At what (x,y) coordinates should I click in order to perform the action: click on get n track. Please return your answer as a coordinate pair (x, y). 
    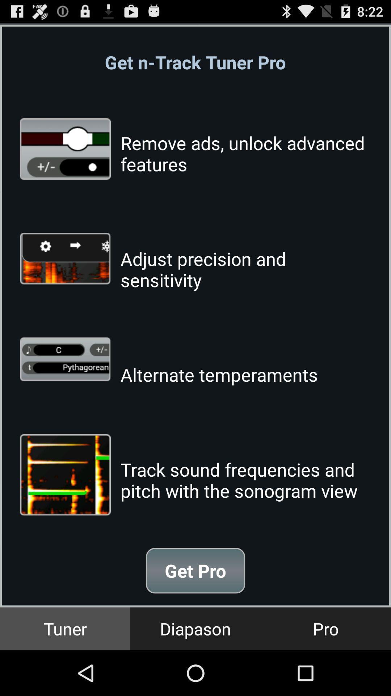
    Looking at the image, I should click on (195, 62).